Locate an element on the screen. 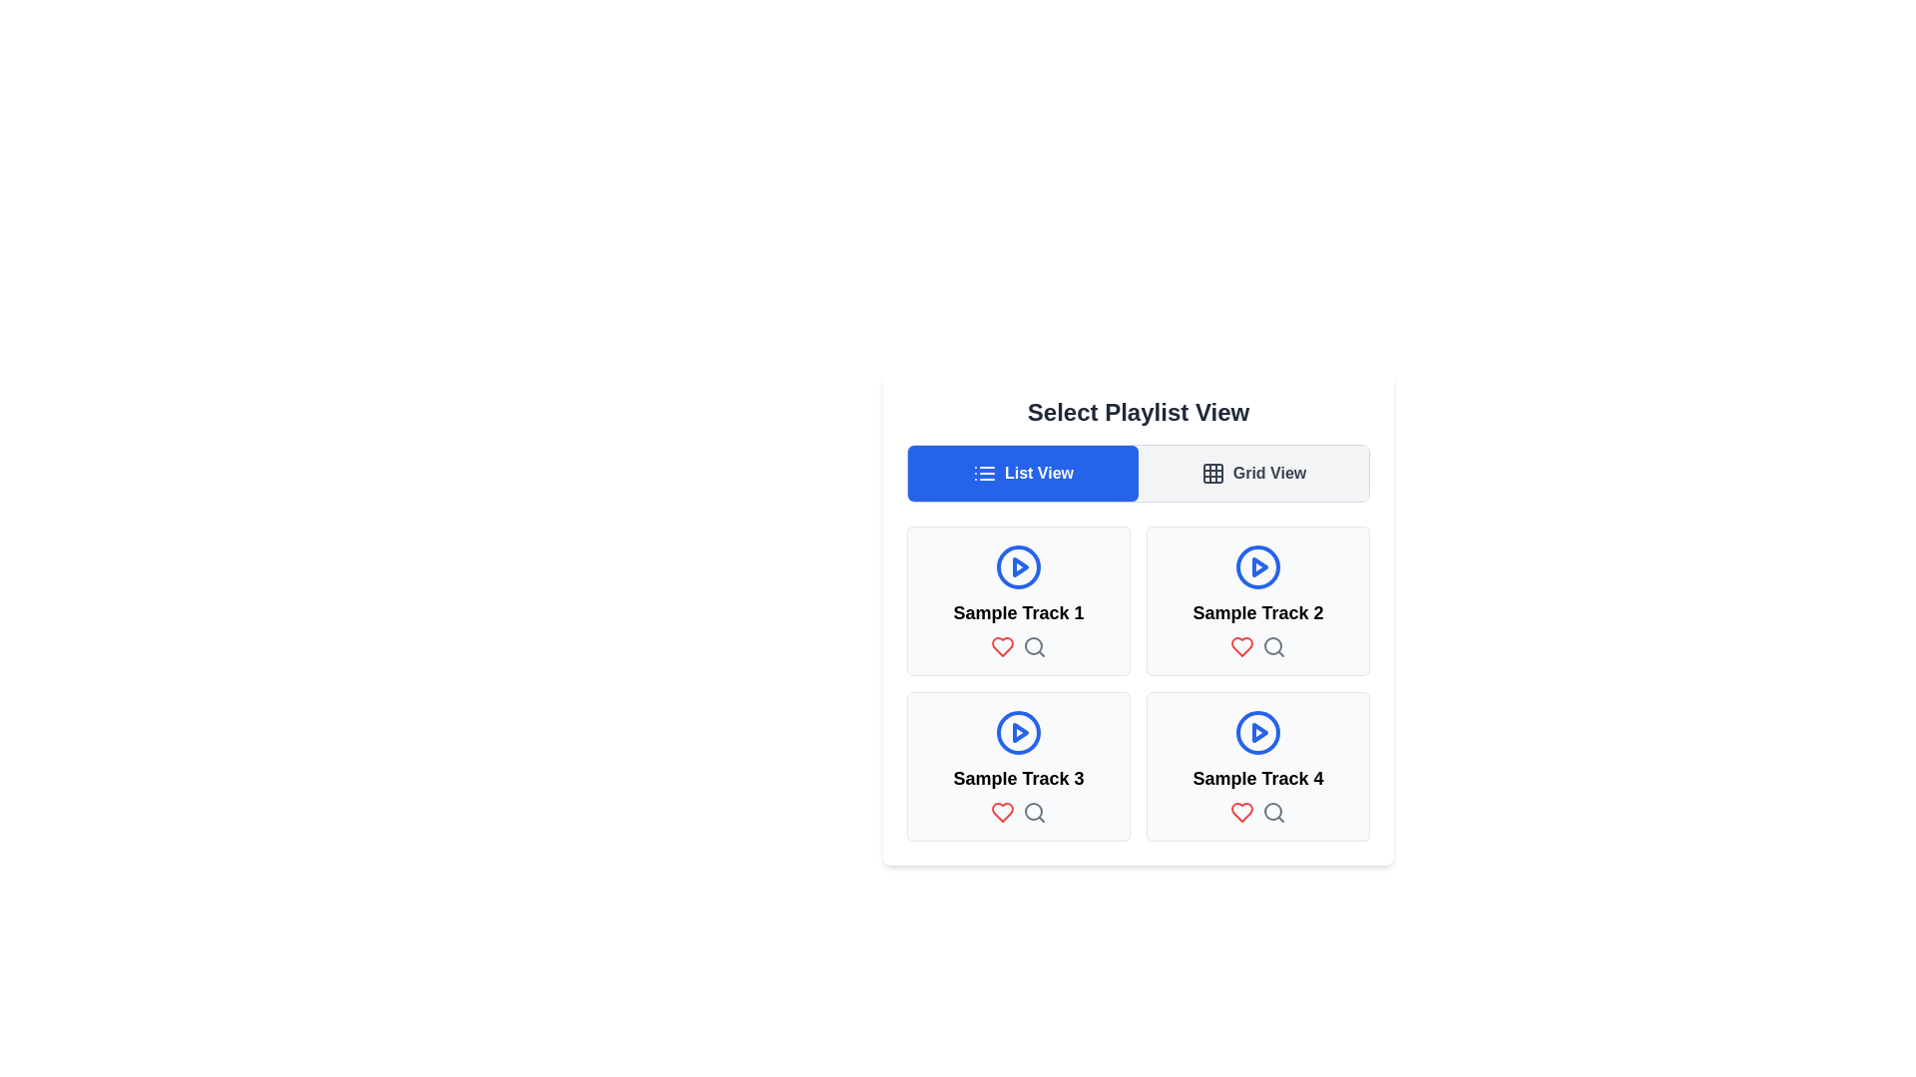 The width and height of the screenshot is (1916, 1077). the associated track using the text label 'Sample Track 4' located is located at coordinates (1257, 777).